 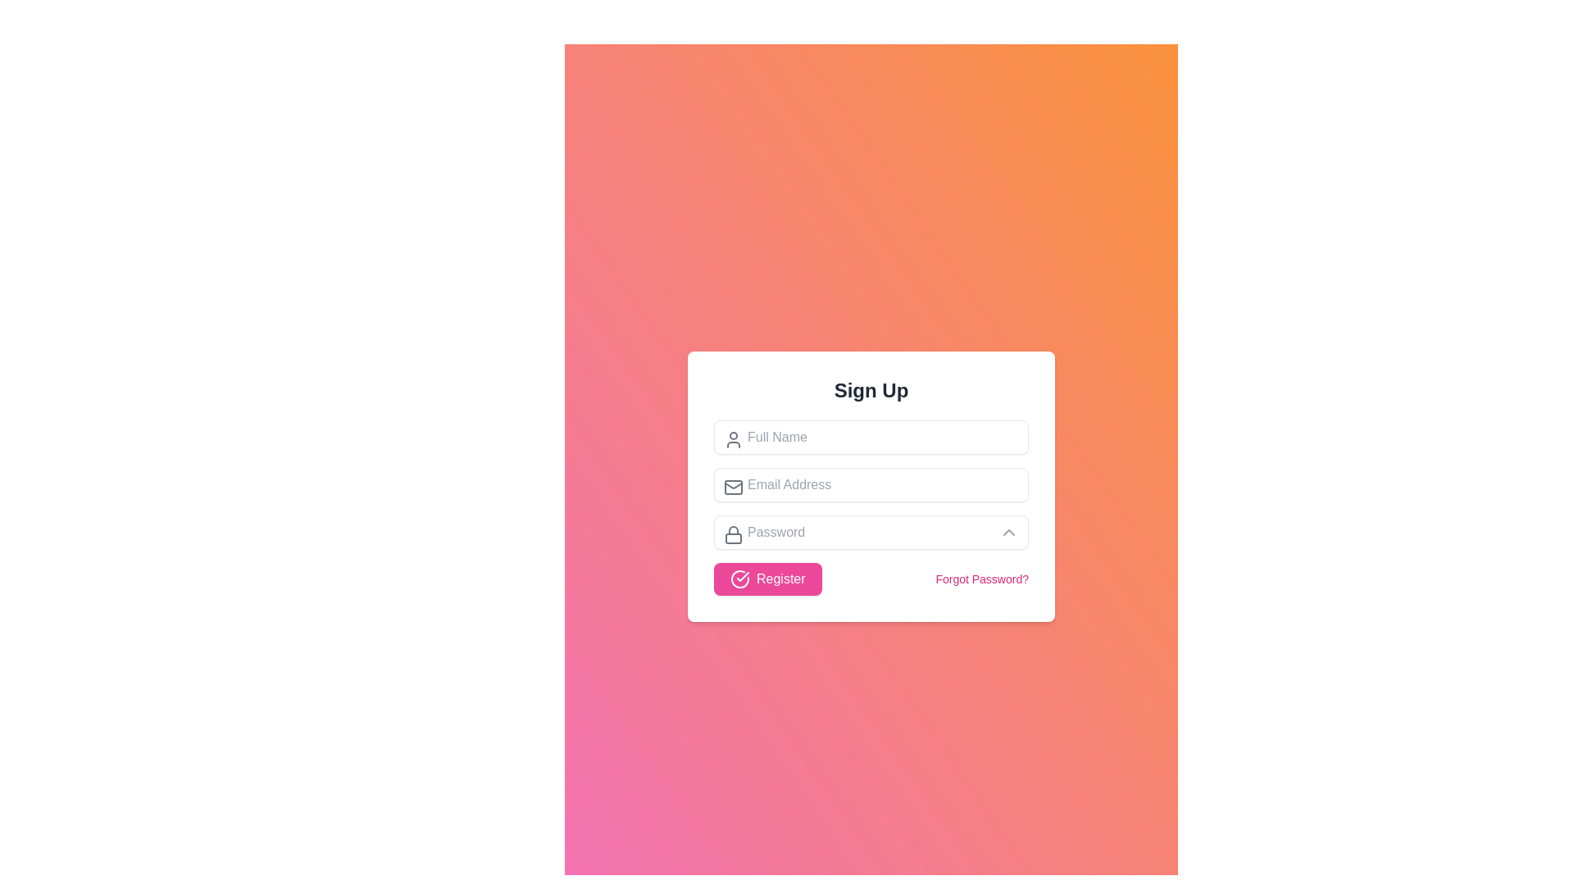 I want to click on the text label that identifies the form as a sign-up form, located at the top of the white sign-up card above the input fields, so click(x=870, y=391).